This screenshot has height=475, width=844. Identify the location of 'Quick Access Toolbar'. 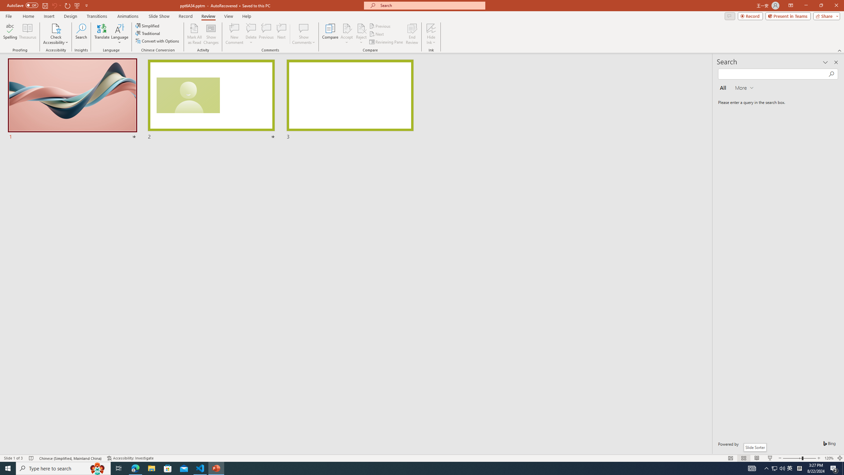
(47, 5).